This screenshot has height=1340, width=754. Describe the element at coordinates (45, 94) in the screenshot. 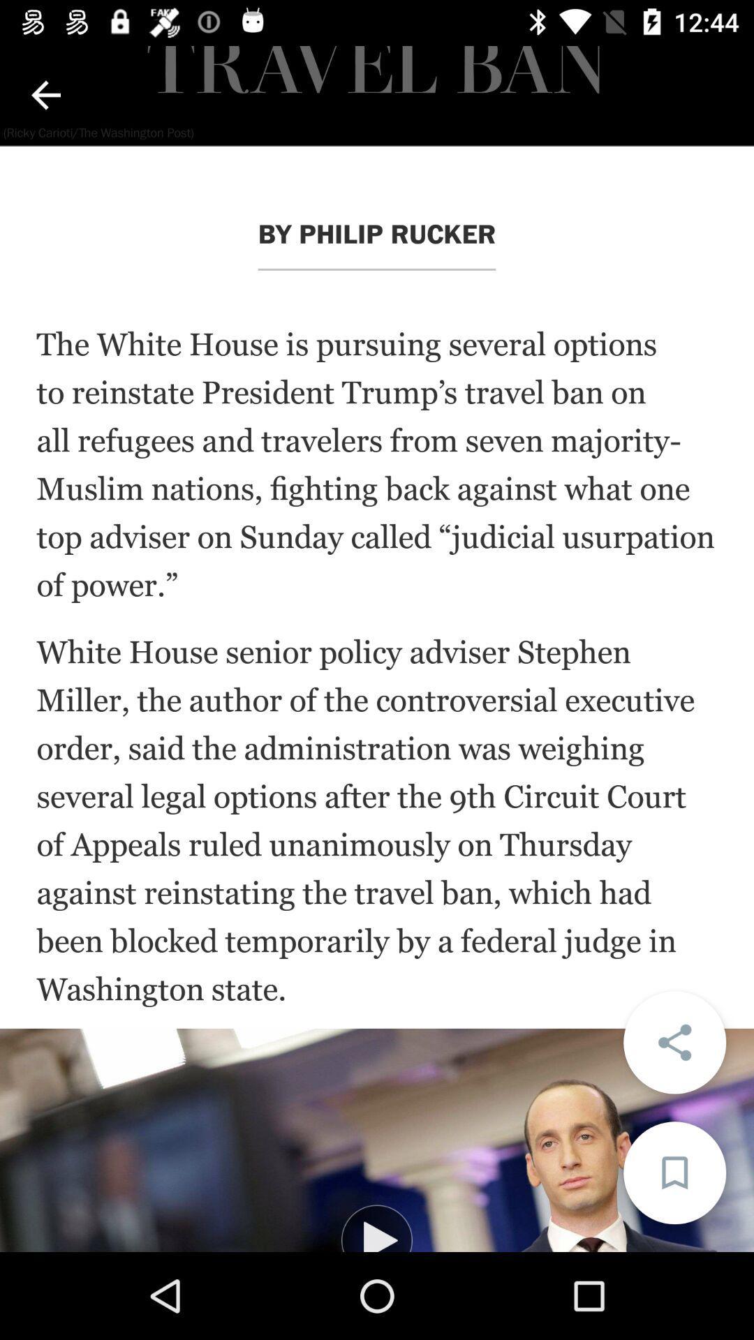

I see `the arrow_backward icon` at that location.